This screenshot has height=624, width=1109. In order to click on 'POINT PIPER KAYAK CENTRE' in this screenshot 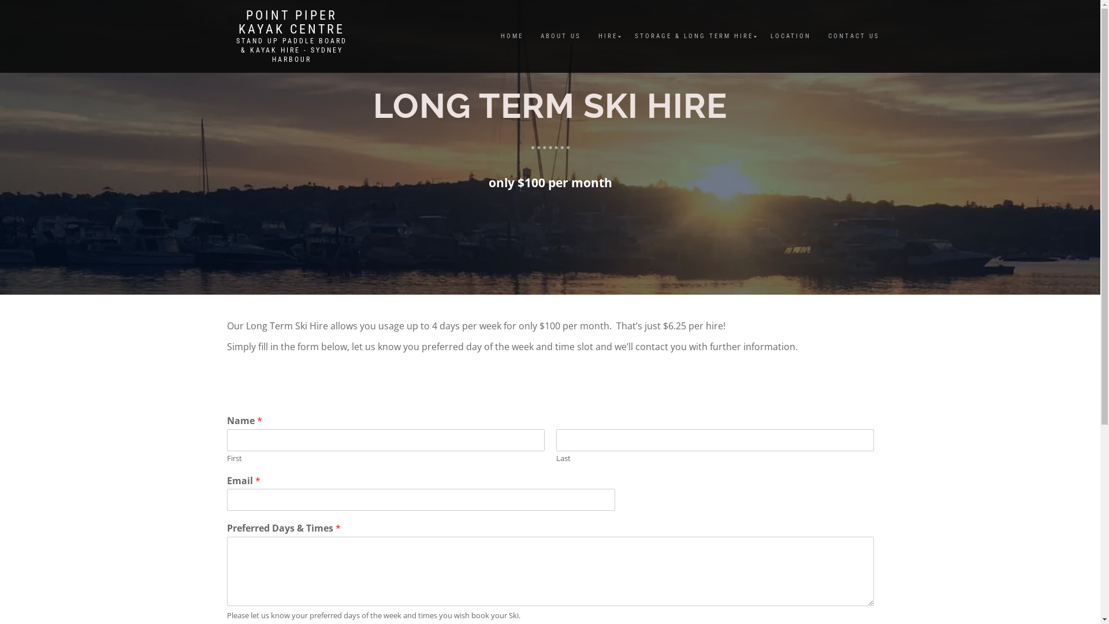, I will do `click(291, 22)`.